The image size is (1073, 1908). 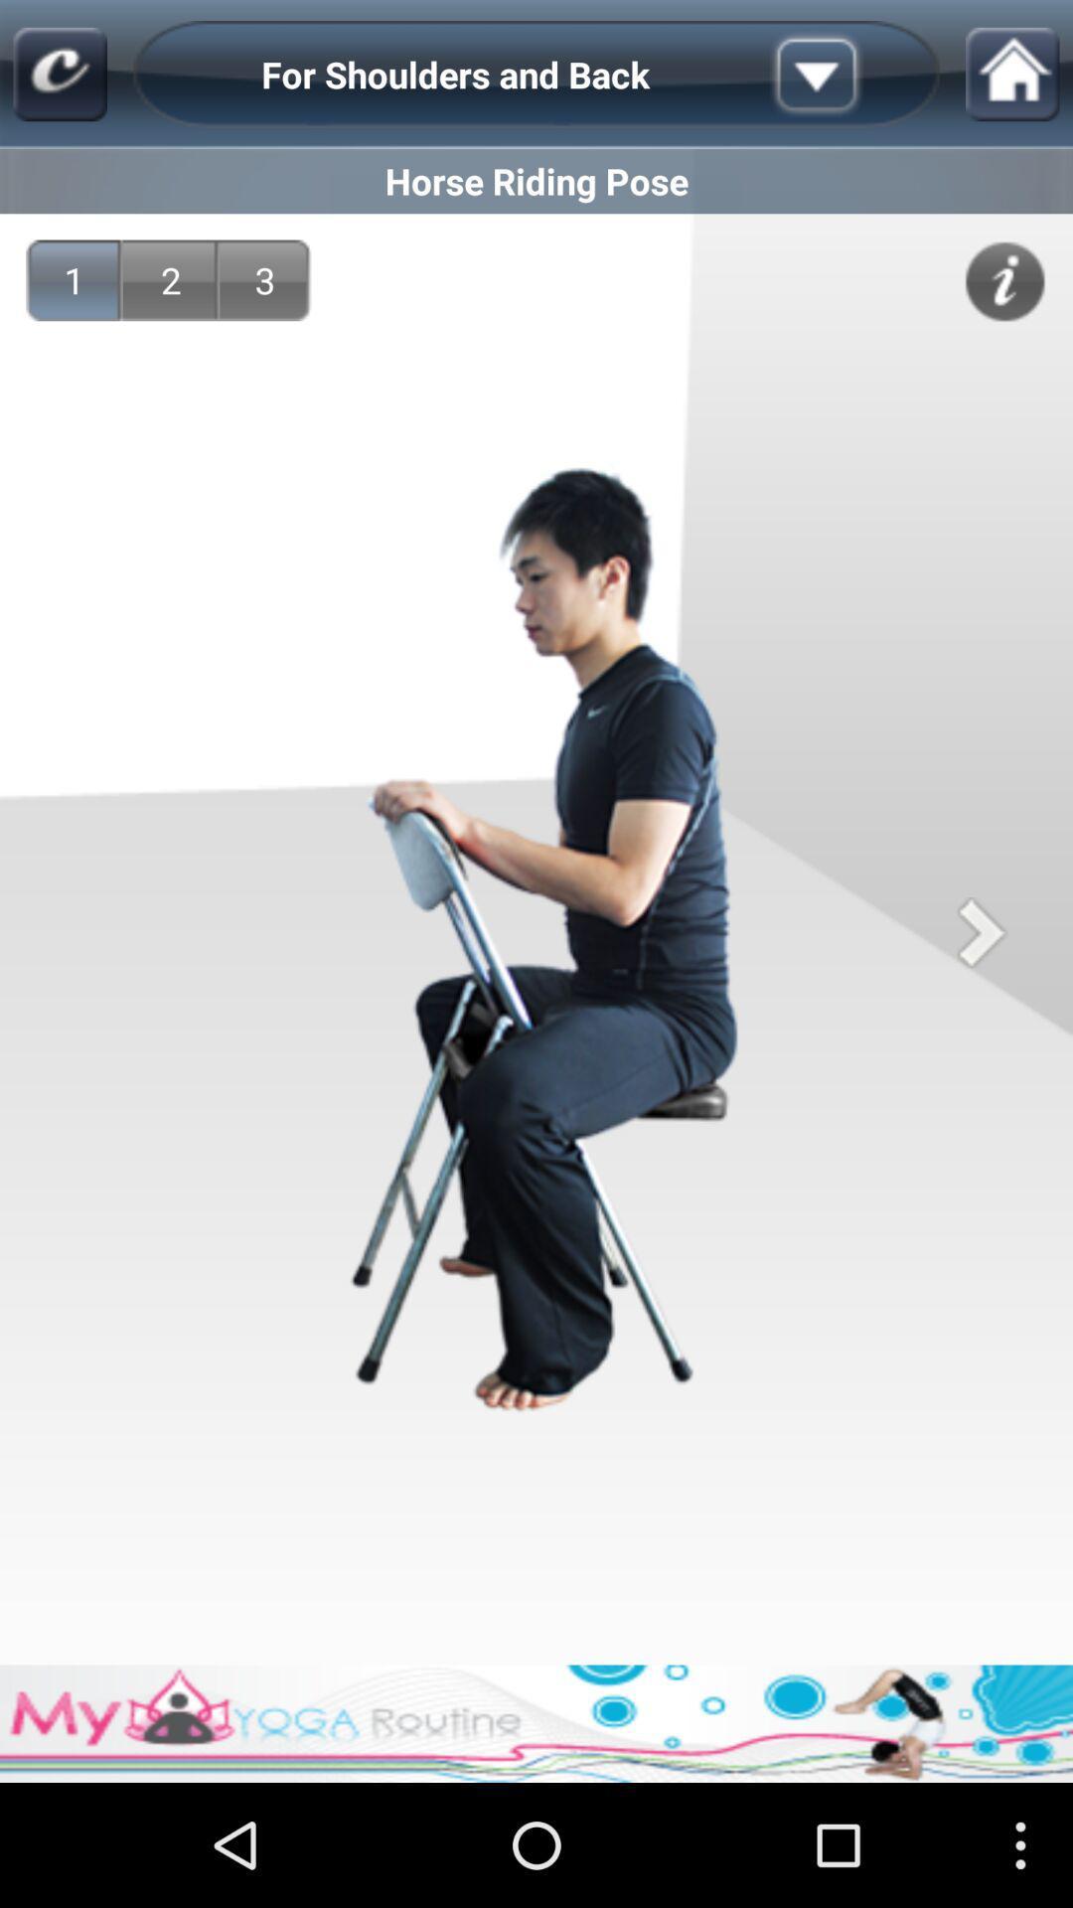 I want to click on icon above the horse riding pose app, so click(x=847, y=75).